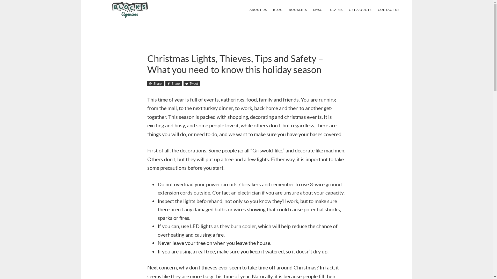 This screenshot has width=497, height=279. What do you see at coordinates (155, 83) in the screenshot?
I see `'Share'` at bounding box center [155, 83].